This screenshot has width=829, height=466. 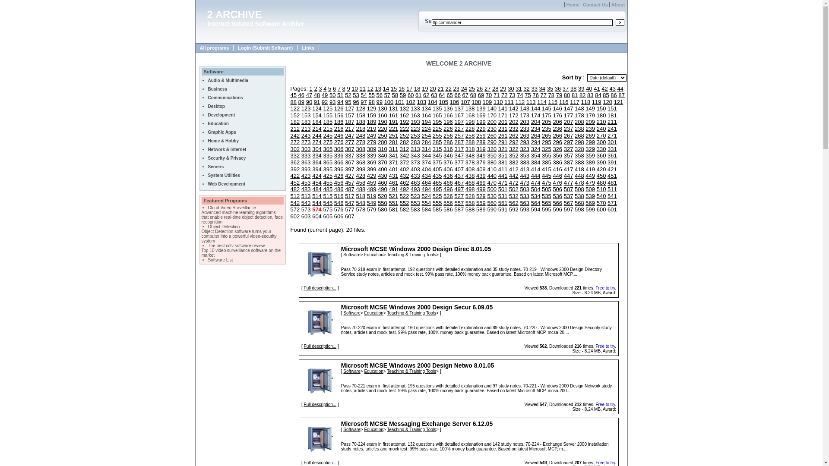 What do you see at coordinates (503, 108) in the screenshot?
I see `'141'` at bounding box center [503, 108].